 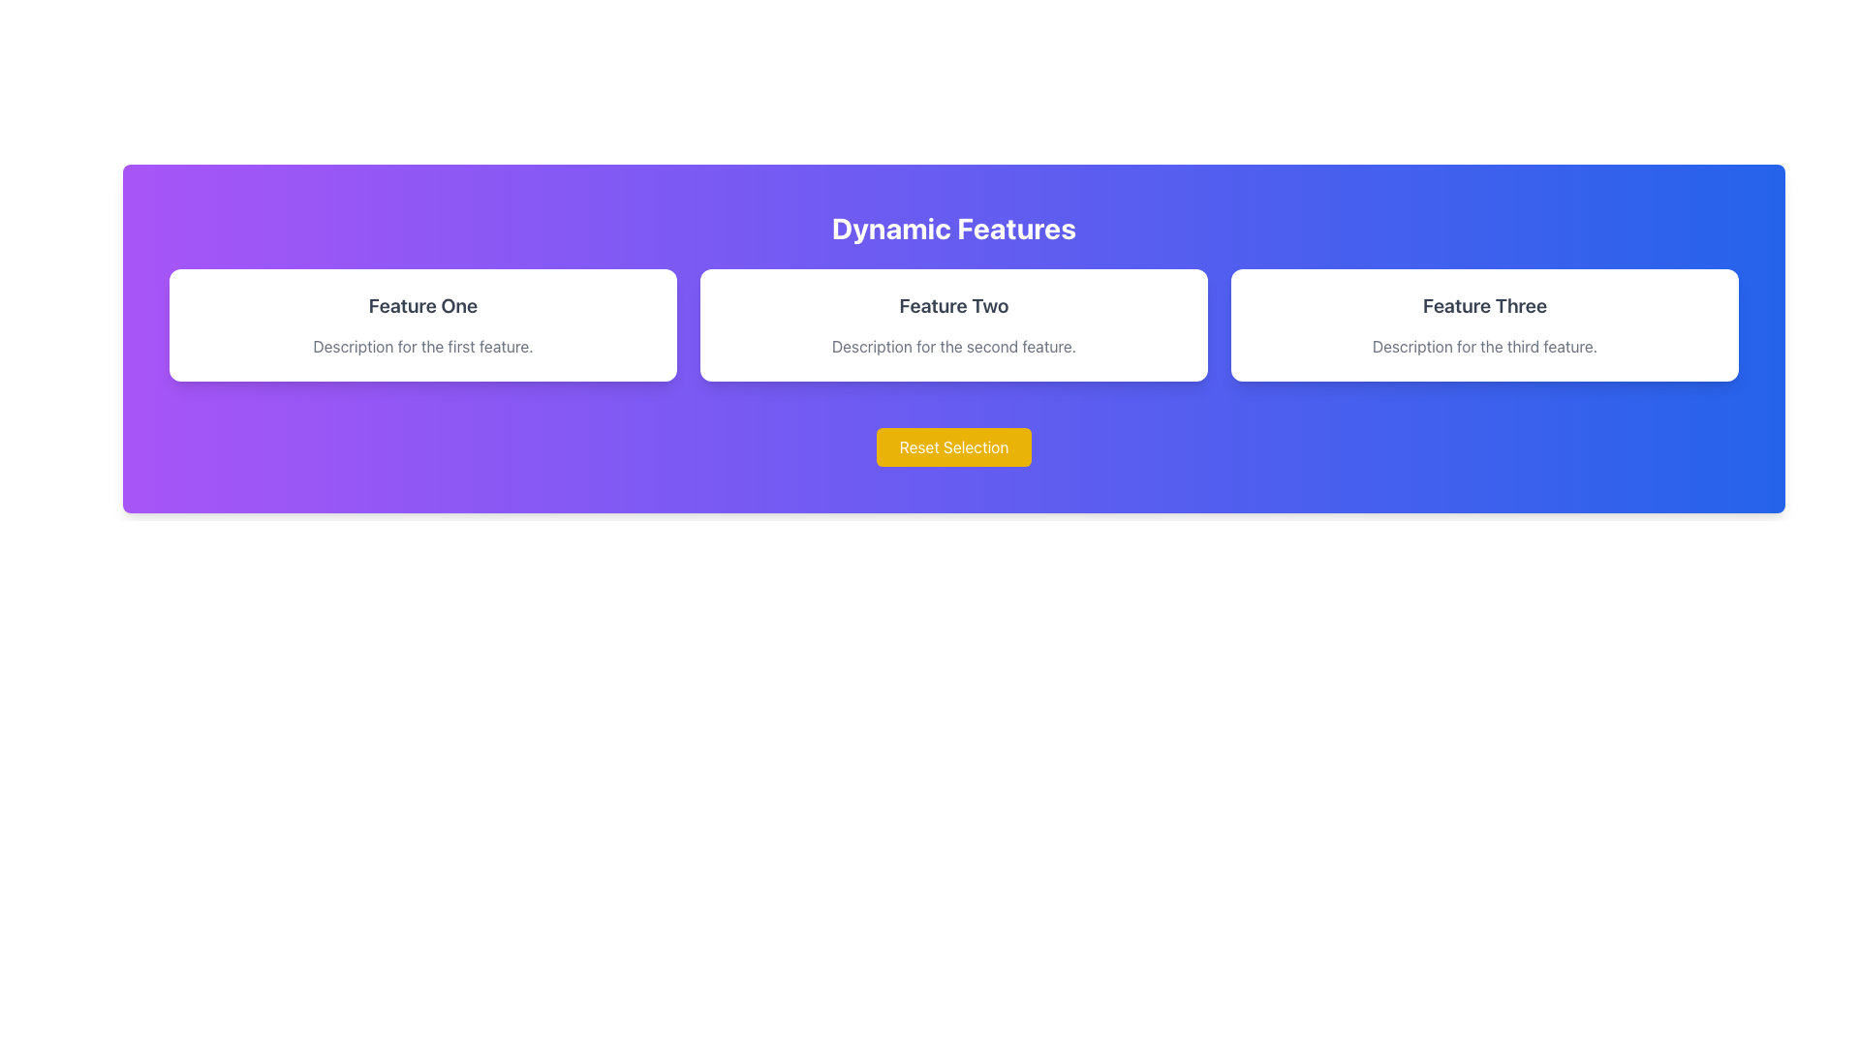 What do you see at coordinates (953, 323) in the screenshot?
I see `the second card in the horizontally aligned row of three cards within the 'Dynamic Features' section` at bounding box center [953, 323].